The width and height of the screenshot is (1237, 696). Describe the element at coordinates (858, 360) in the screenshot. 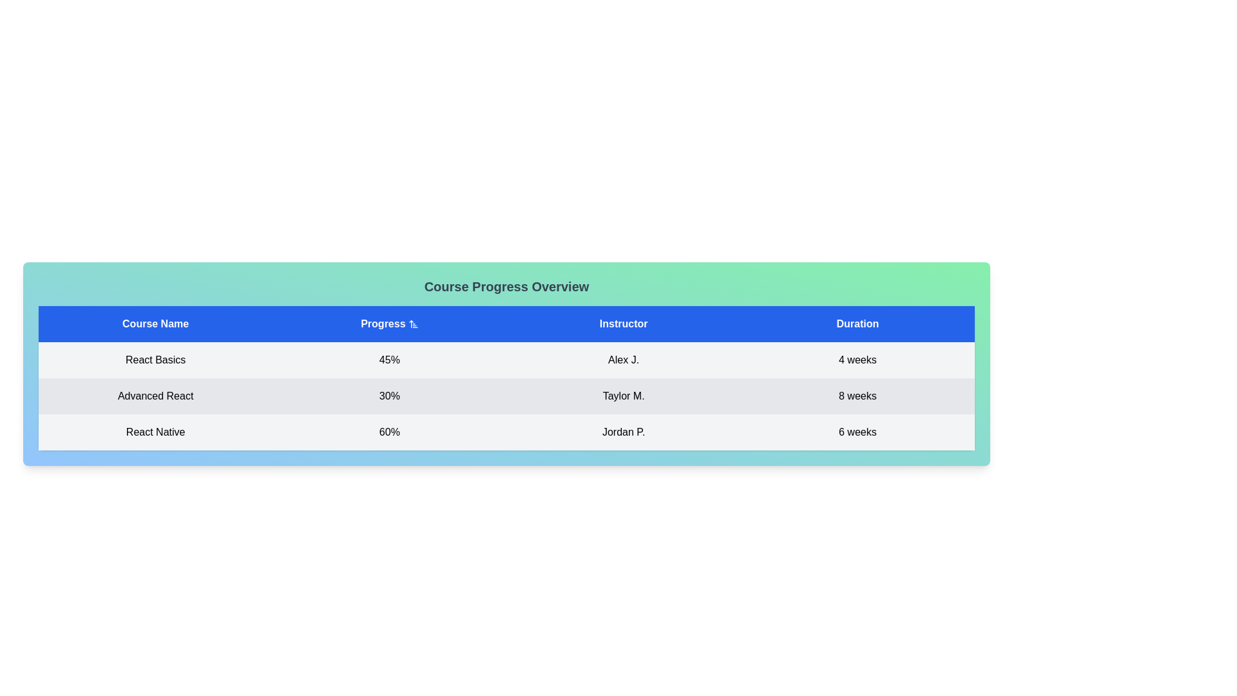

I see `the text label that reads '4 weeks', located in the fourth cell of the first data row under the 'Duration' column for the course 'React Basics'` at that location.